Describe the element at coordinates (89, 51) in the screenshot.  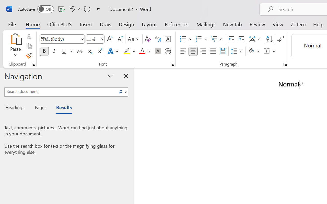
I see `'Subscript'` at that location.